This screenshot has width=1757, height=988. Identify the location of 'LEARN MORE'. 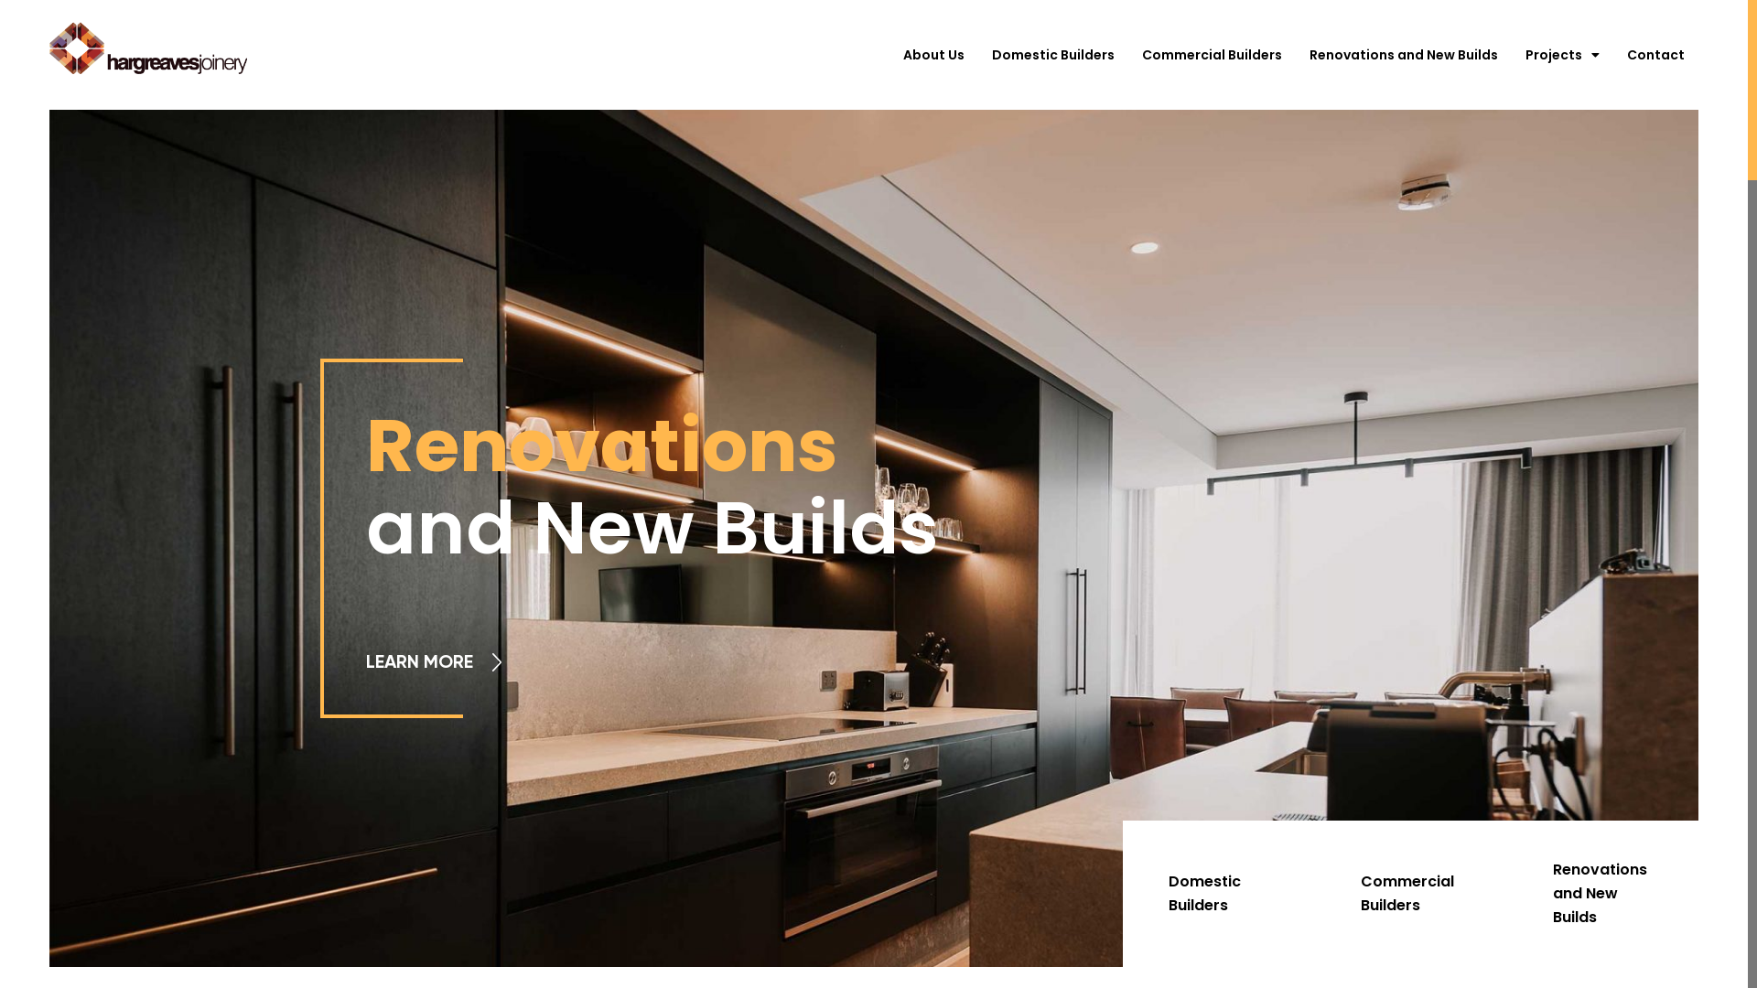
(365, 661).